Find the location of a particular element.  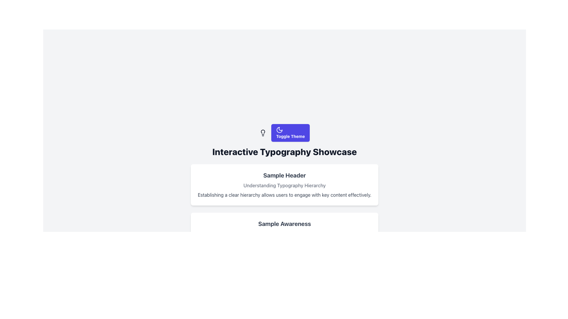

the text label displaying 'Interactive Typography Showcase', which is styled with a large, bold font and is centered on the page, located below the 'Toggle Theme' button is located at coordinates (284, 151).